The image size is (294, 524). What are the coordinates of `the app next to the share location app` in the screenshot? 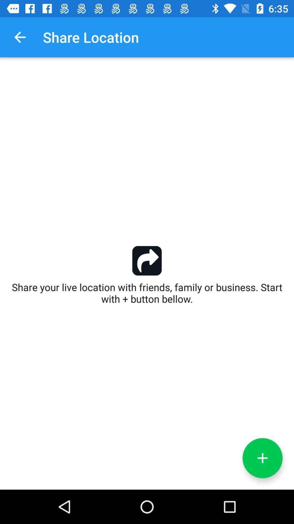 It's located at (20, 37).